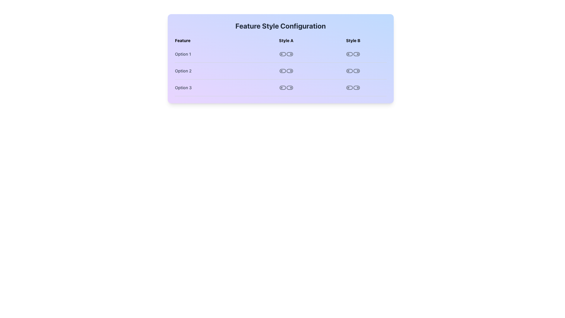 The width and height of the screenshot is (565, 318). Describe the element at coordinates (213, 40) in the screenshot. I see `the header label indicating the feature section in the configuration table` at that location.